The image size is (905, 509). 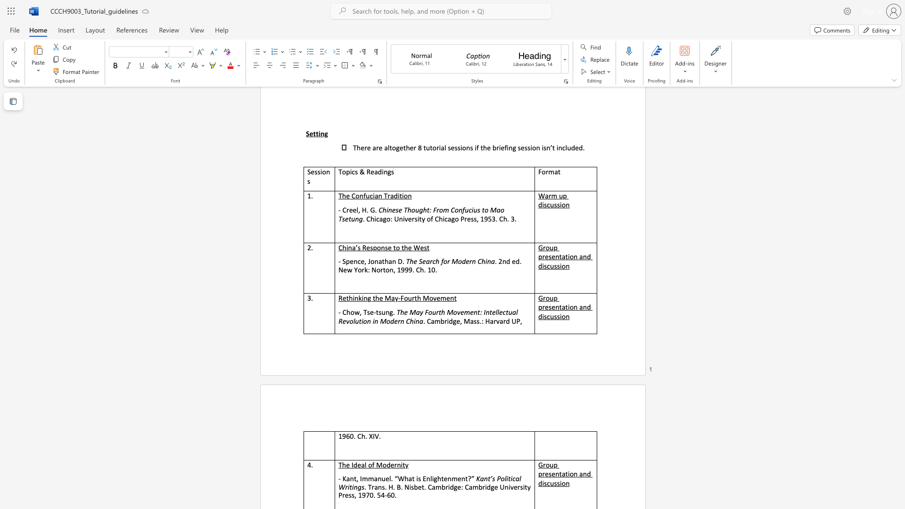 I want to click on the subset text "V." within the text "1960. Ch. XIV.", so click(x=374, y=436).